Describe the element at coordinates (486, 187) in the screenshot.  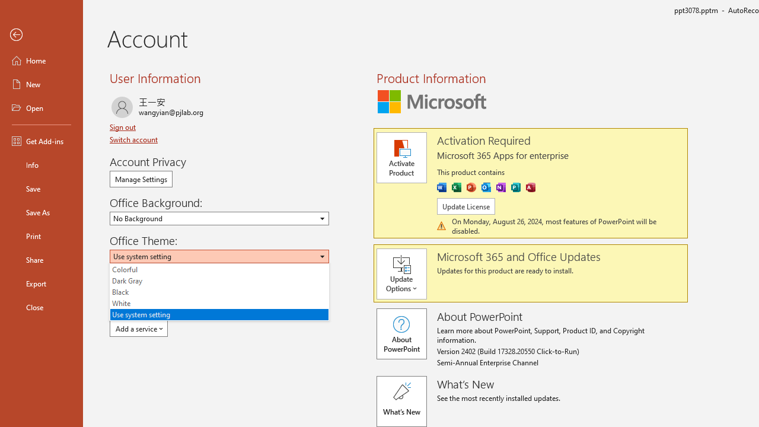
I see `'Outlook'` at that location.